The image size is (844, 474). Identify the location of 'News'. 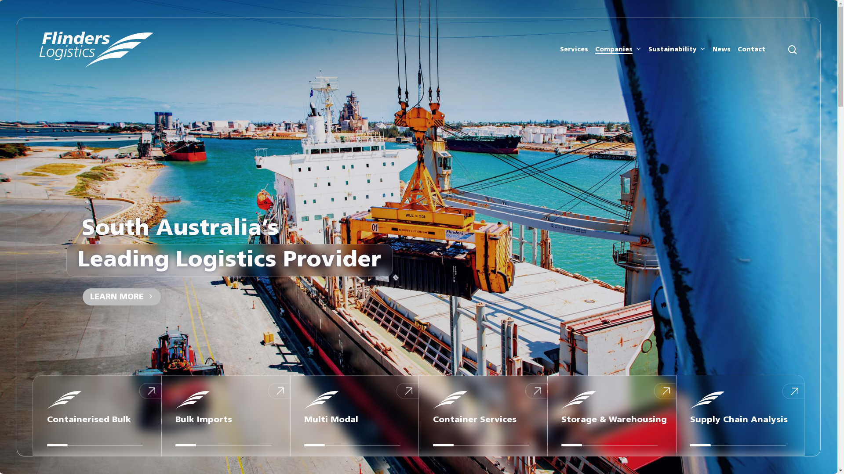
(721, 49).